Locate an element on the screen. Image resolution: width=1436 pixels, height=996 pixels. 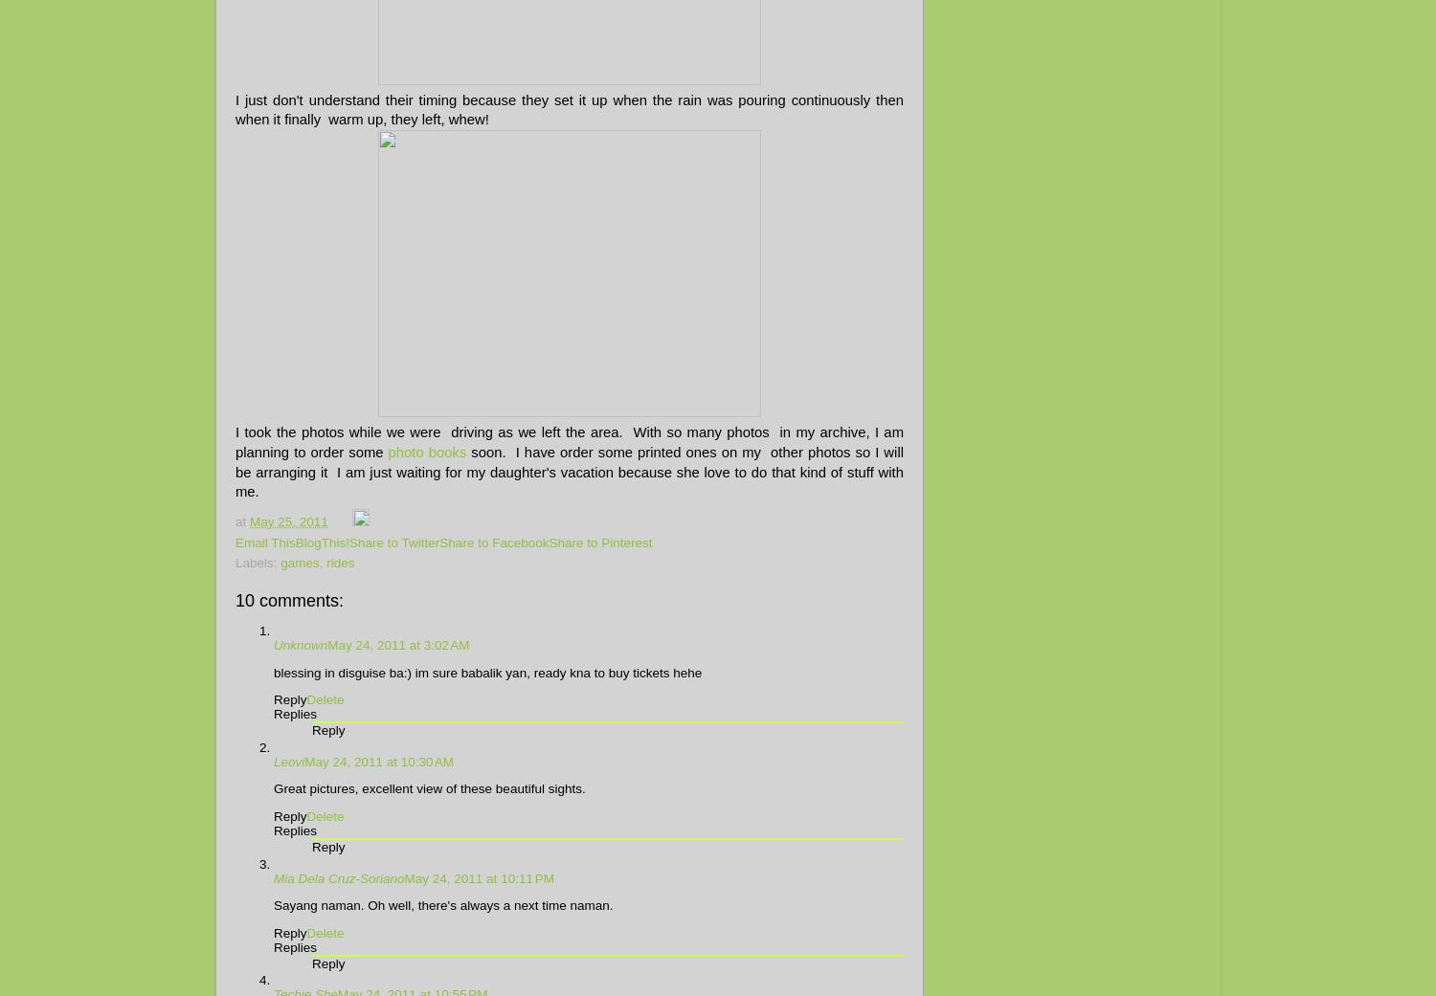
'Share to Facebook' is located at coordinates (494, 542).